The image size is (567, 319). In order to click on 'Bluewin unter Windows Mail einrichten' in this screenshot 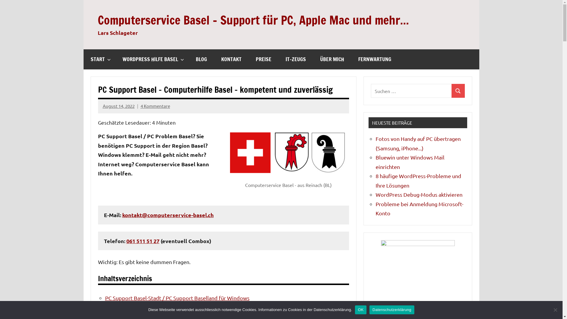, I will do `click(410, 162)`.